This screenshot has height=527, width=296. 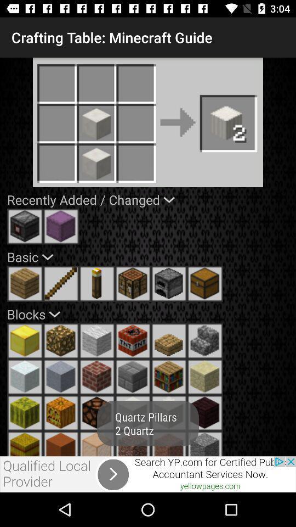 What do you see at coordinates (97, 340) in the screenshot?
I see `image` at bounding box center [97, 340].